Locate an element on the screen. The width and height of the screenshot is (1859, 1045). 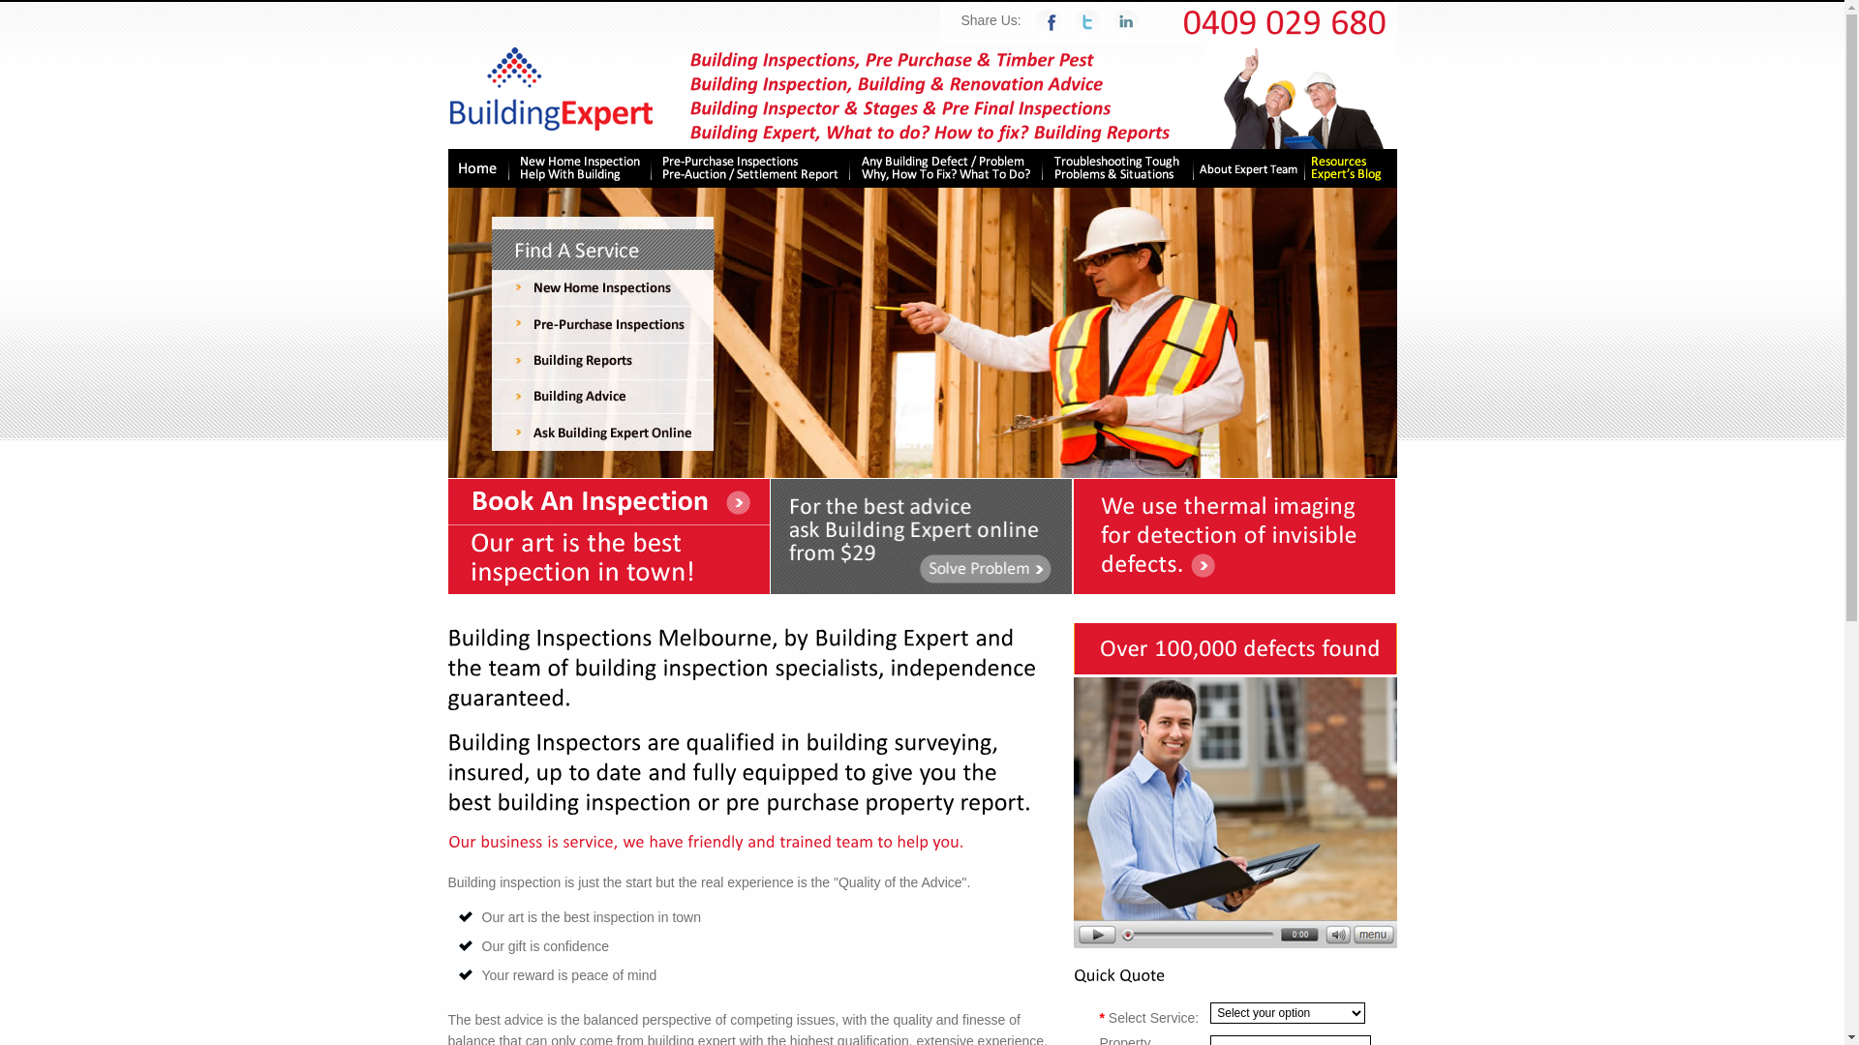
'Recommend this website : home on Facebook' is located at coordinates (1047, 19).